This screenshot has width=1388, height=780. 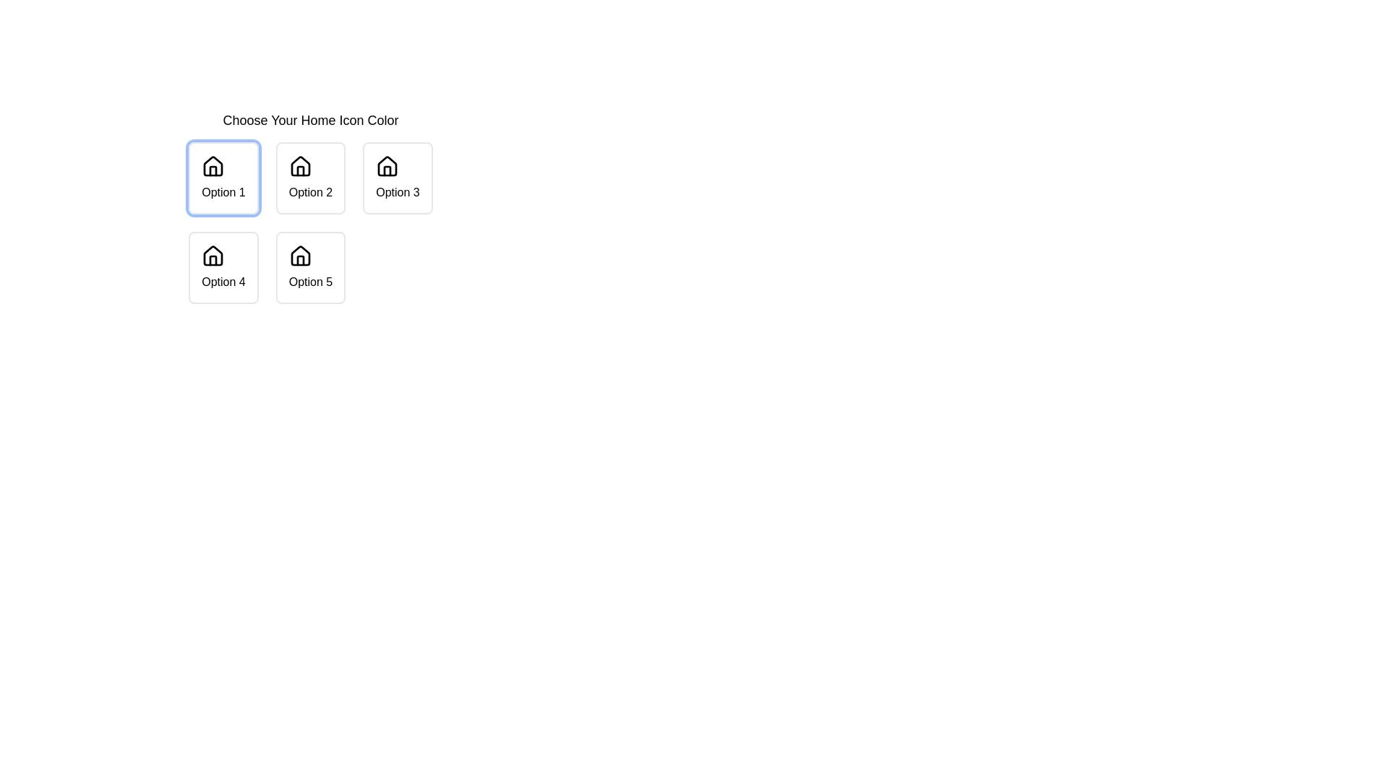 I want to click on the door element of the house icon in Option 2, so click(x=299, y=170).